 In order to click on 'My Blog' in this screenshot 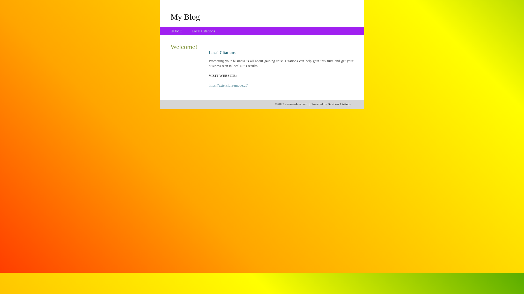, I will do `click(170, 16)`.